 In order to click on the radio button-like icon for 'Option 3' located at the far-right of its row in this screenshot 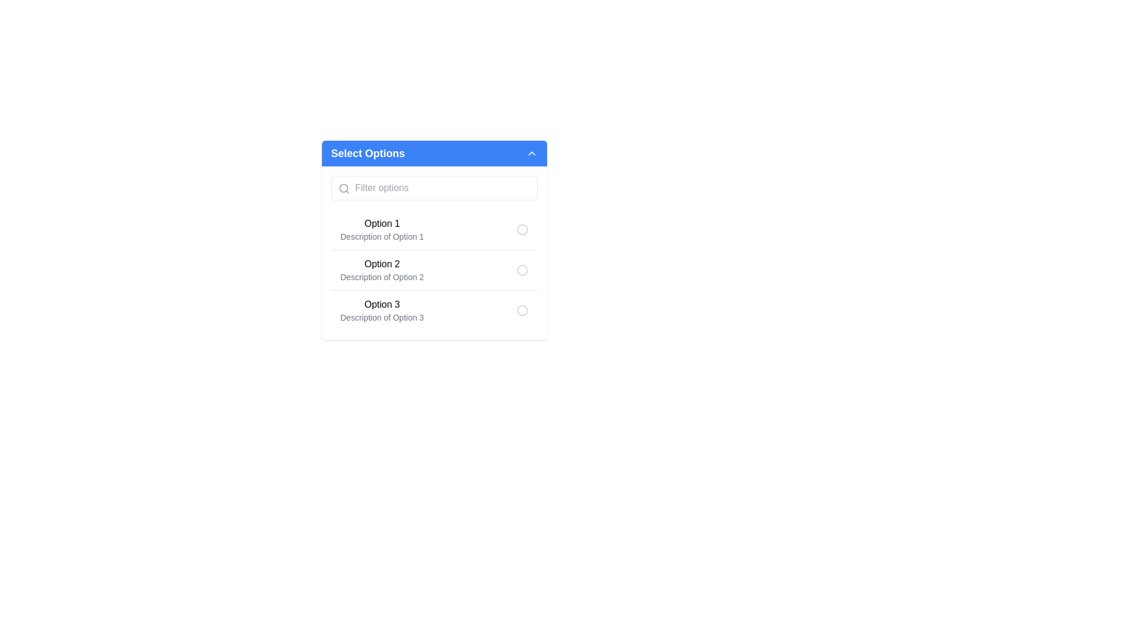, I will do `click(521, 309)`.